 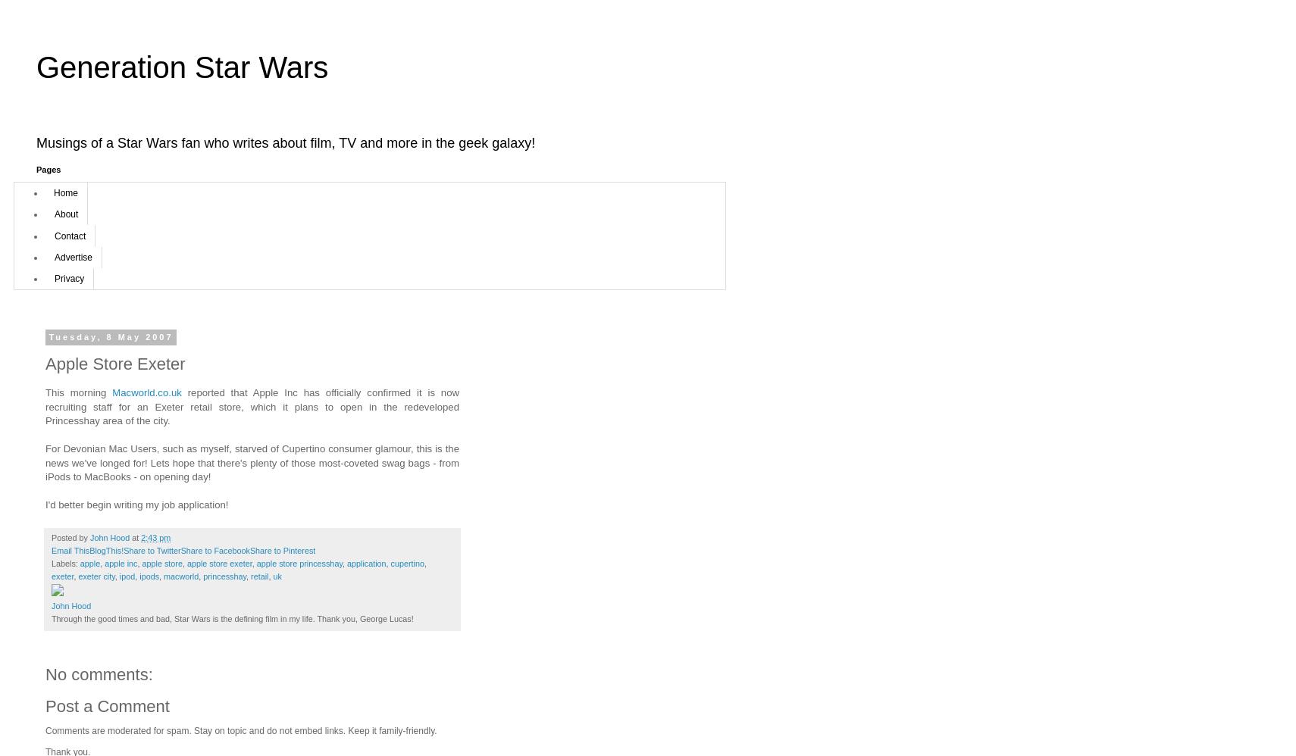 I want to click on 'About', so click(x=65, y=214).